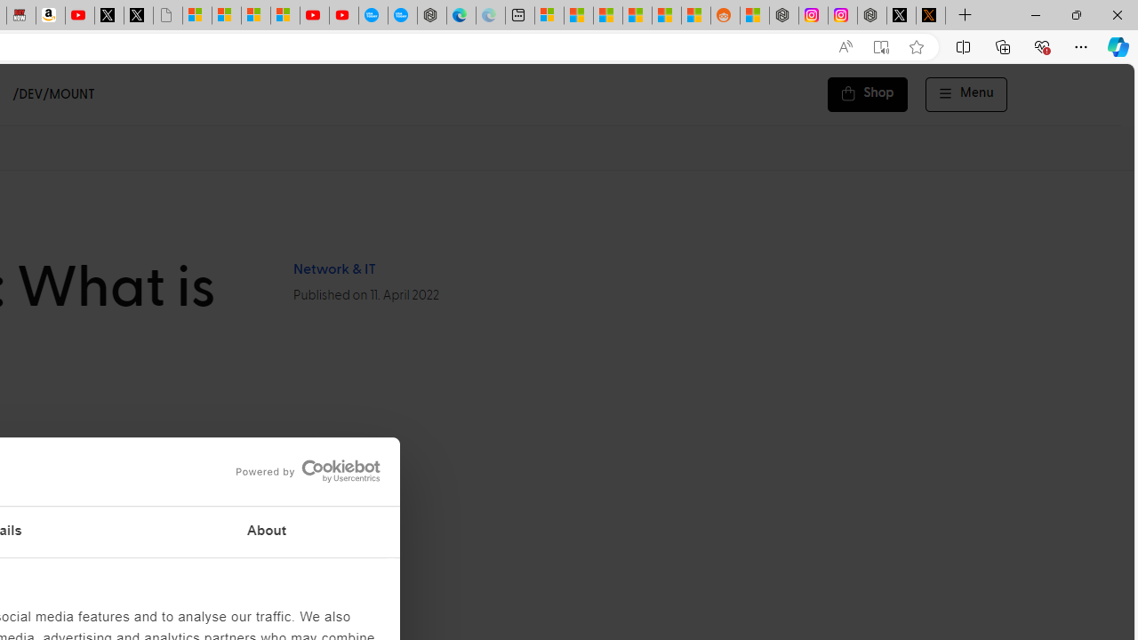 The height and width of the screenshot is (640, 1138). Describe the element at coordinates (694, 15) in the screenshot. I see `'Shanghai, China Weather trends | Microsoft Weather'` at that location.